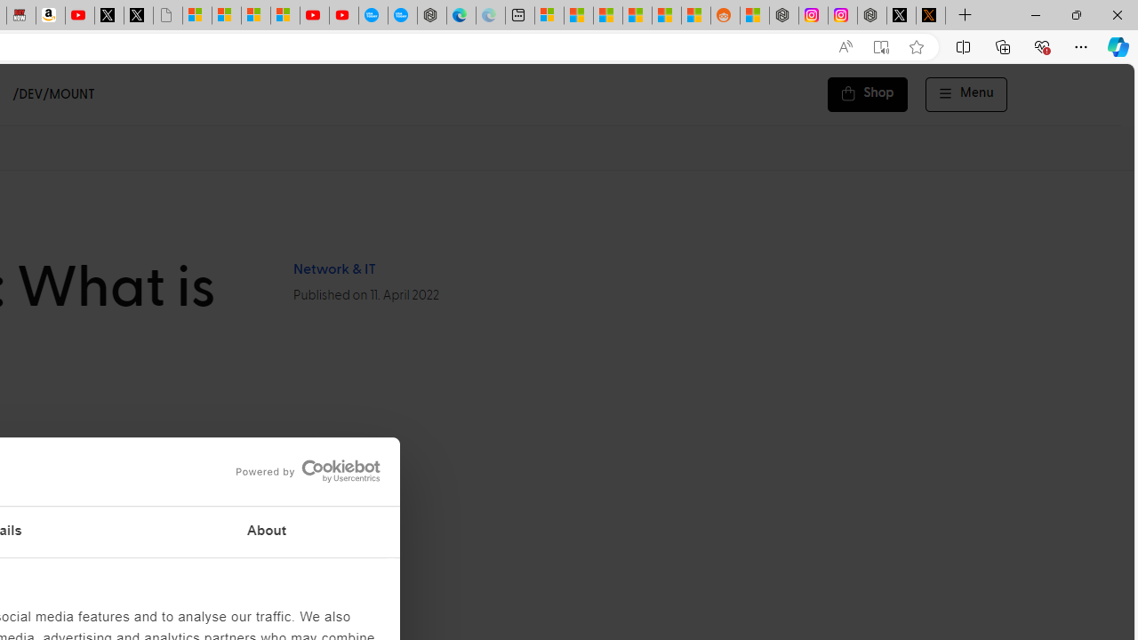 The height and width of the screenshot is (640, 1138). Describe the element at coordinates (694, 15) in the screenshot. I see `'Shanghai, China Weather trends | Microsoft Weather'` at that location.